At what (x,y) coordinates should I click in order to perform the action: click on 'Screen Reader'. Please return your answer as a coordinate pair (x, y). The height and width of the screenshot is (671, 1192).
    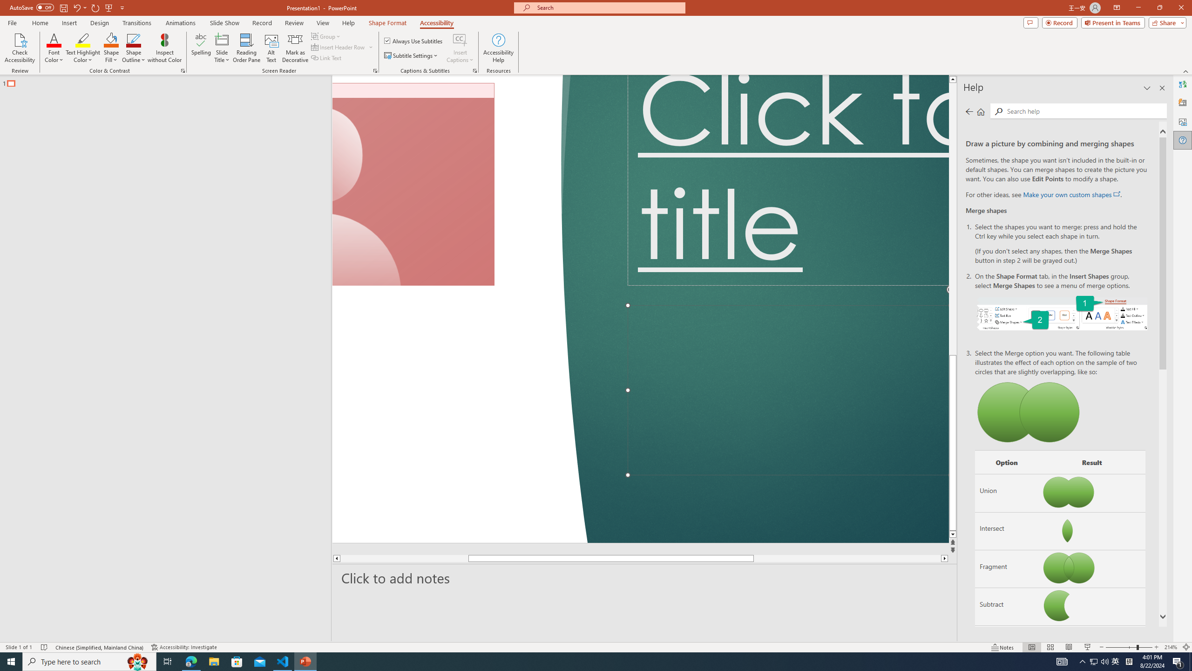
    Looking at the image, I should click on (375, 70).